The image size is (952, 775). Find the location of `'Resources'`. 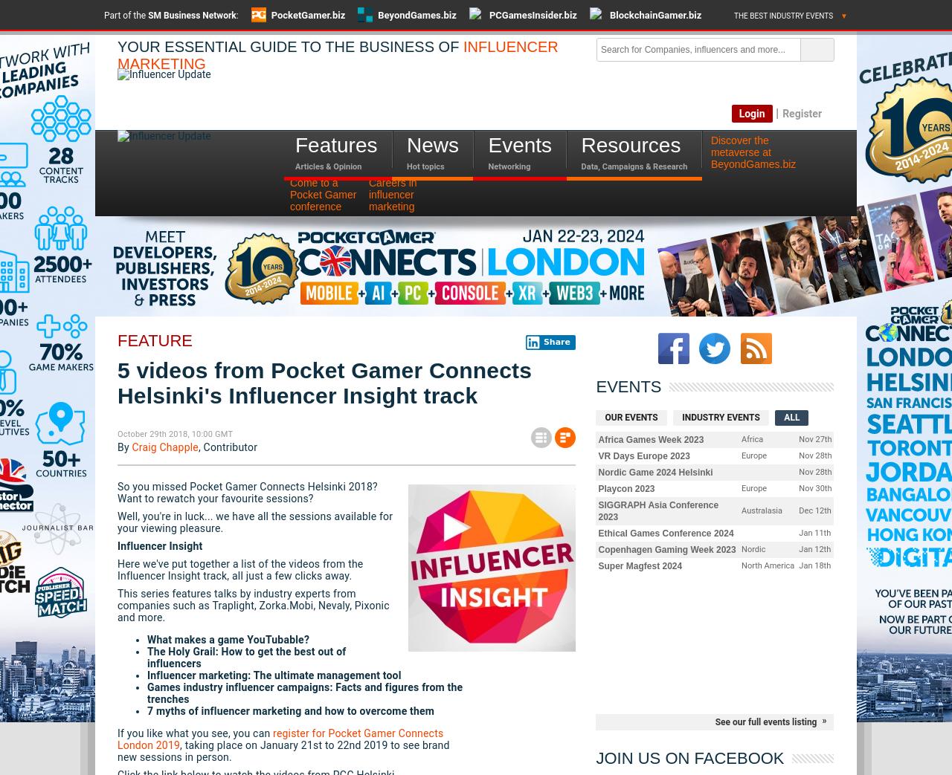

'Resources' is located at coordinates (580, 144).